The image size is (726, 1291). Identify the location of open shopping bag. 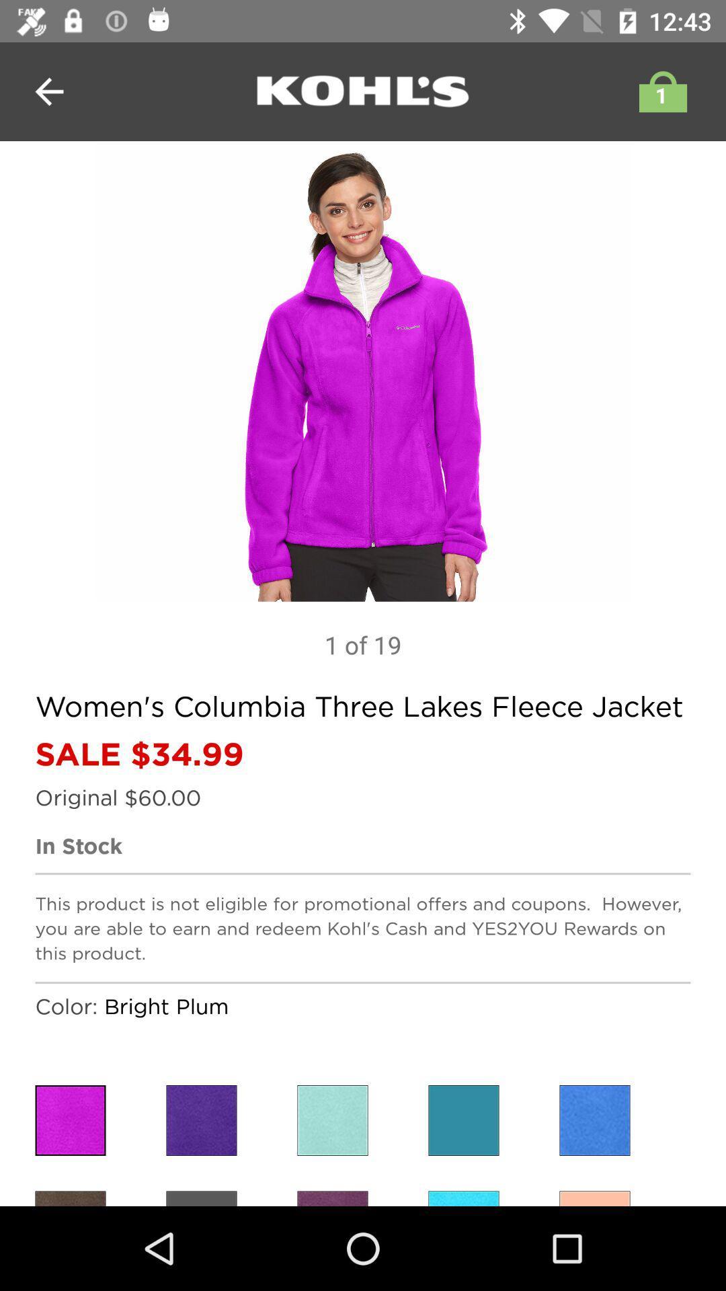
(659, 91).